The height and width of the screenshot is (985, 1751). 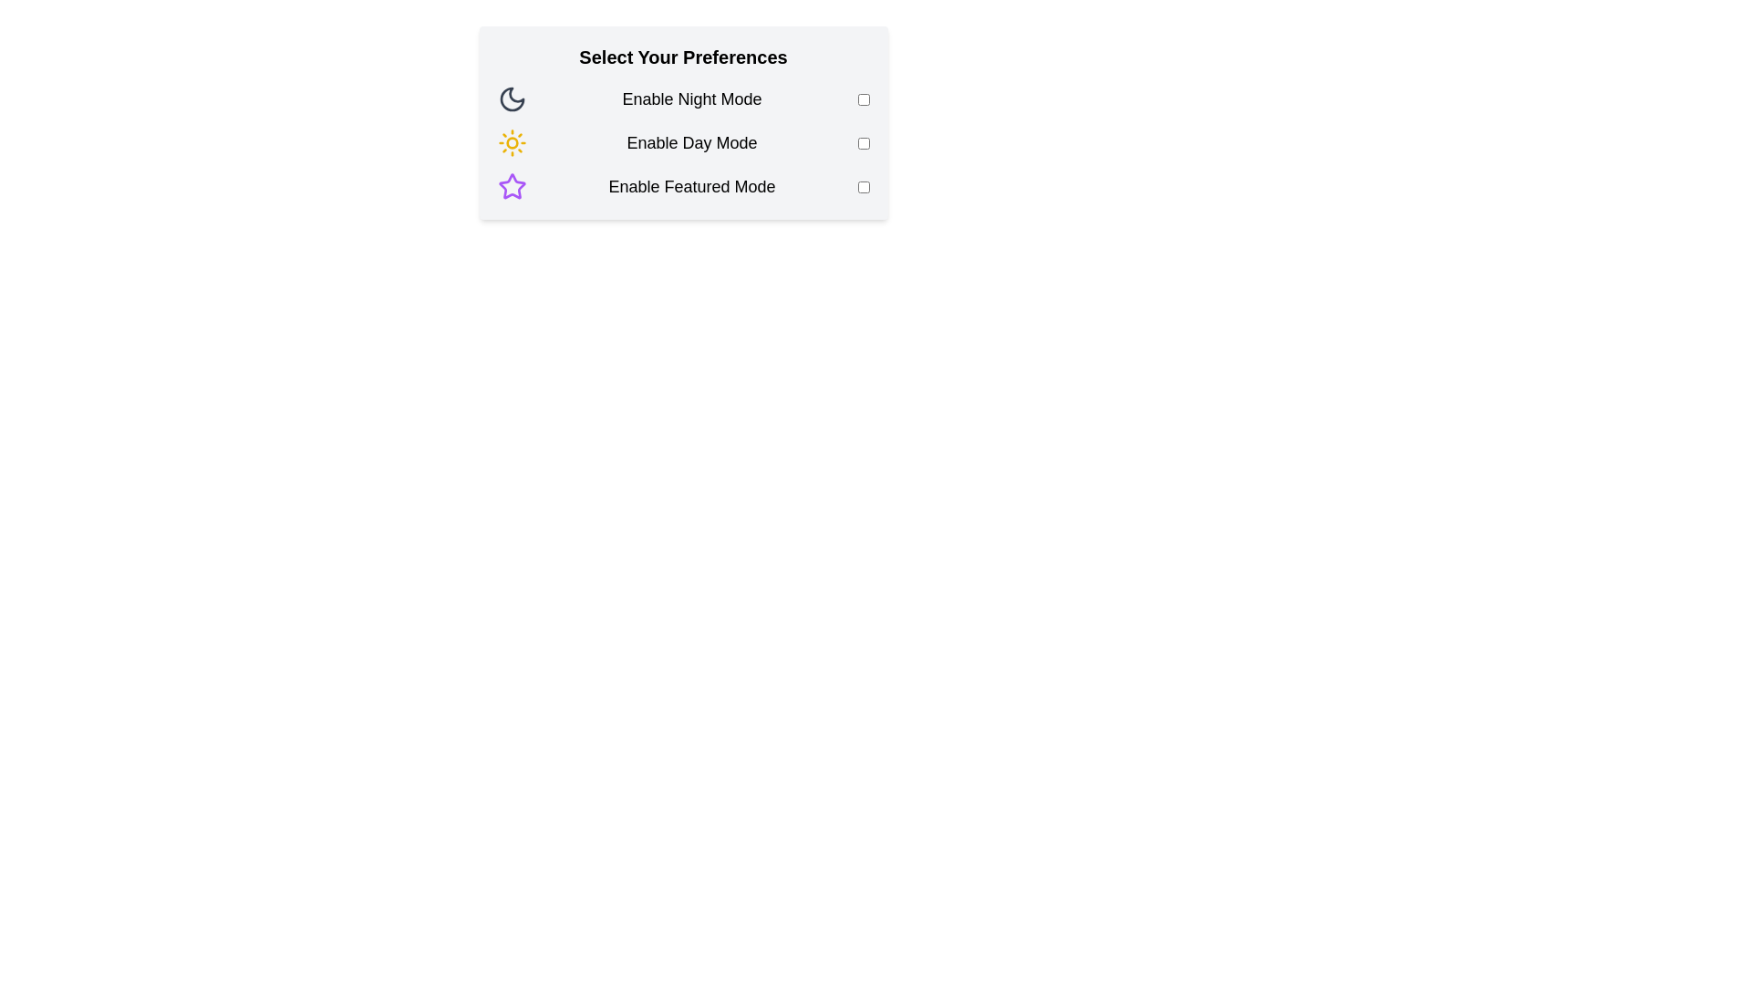 I want to click on the graphic icon representing the 'Enable Night Mode' option, located to the left of the text 'Enable Night Mode' in the top row of the options list, so click(x=511, y=98).